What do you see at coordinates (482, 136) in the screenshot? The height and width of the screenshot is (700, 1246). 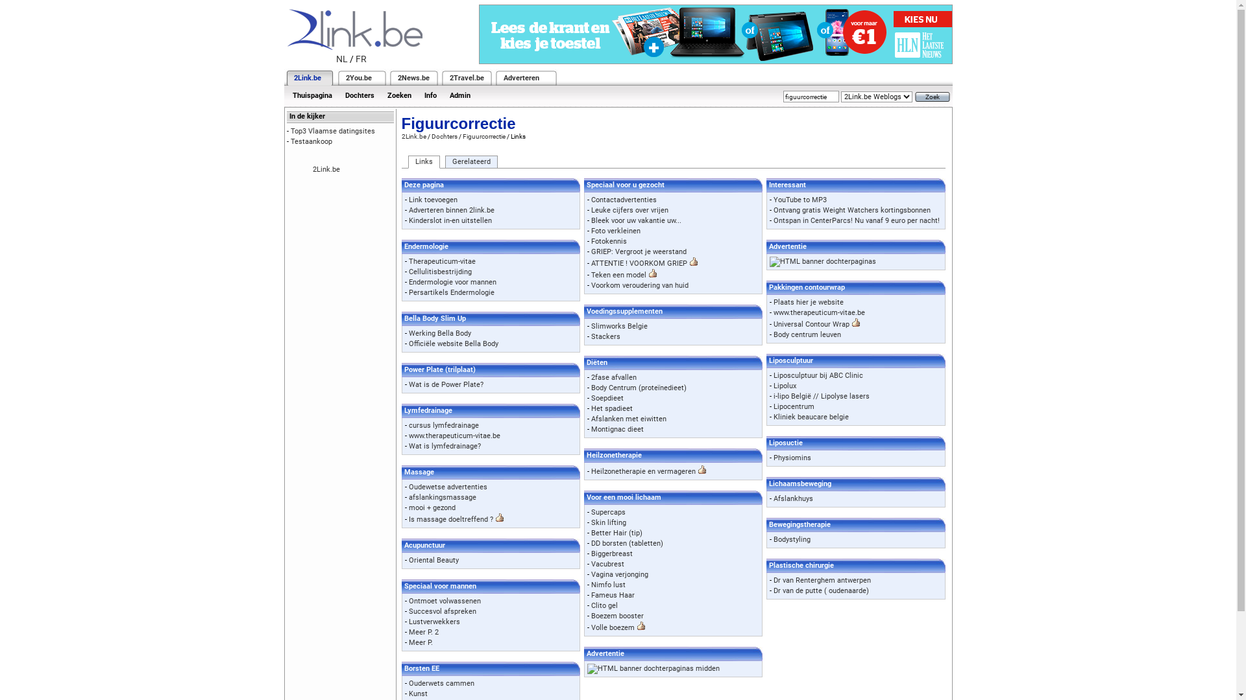 I see `'Figuurcorrectie'` at bounding box center [482, 136].